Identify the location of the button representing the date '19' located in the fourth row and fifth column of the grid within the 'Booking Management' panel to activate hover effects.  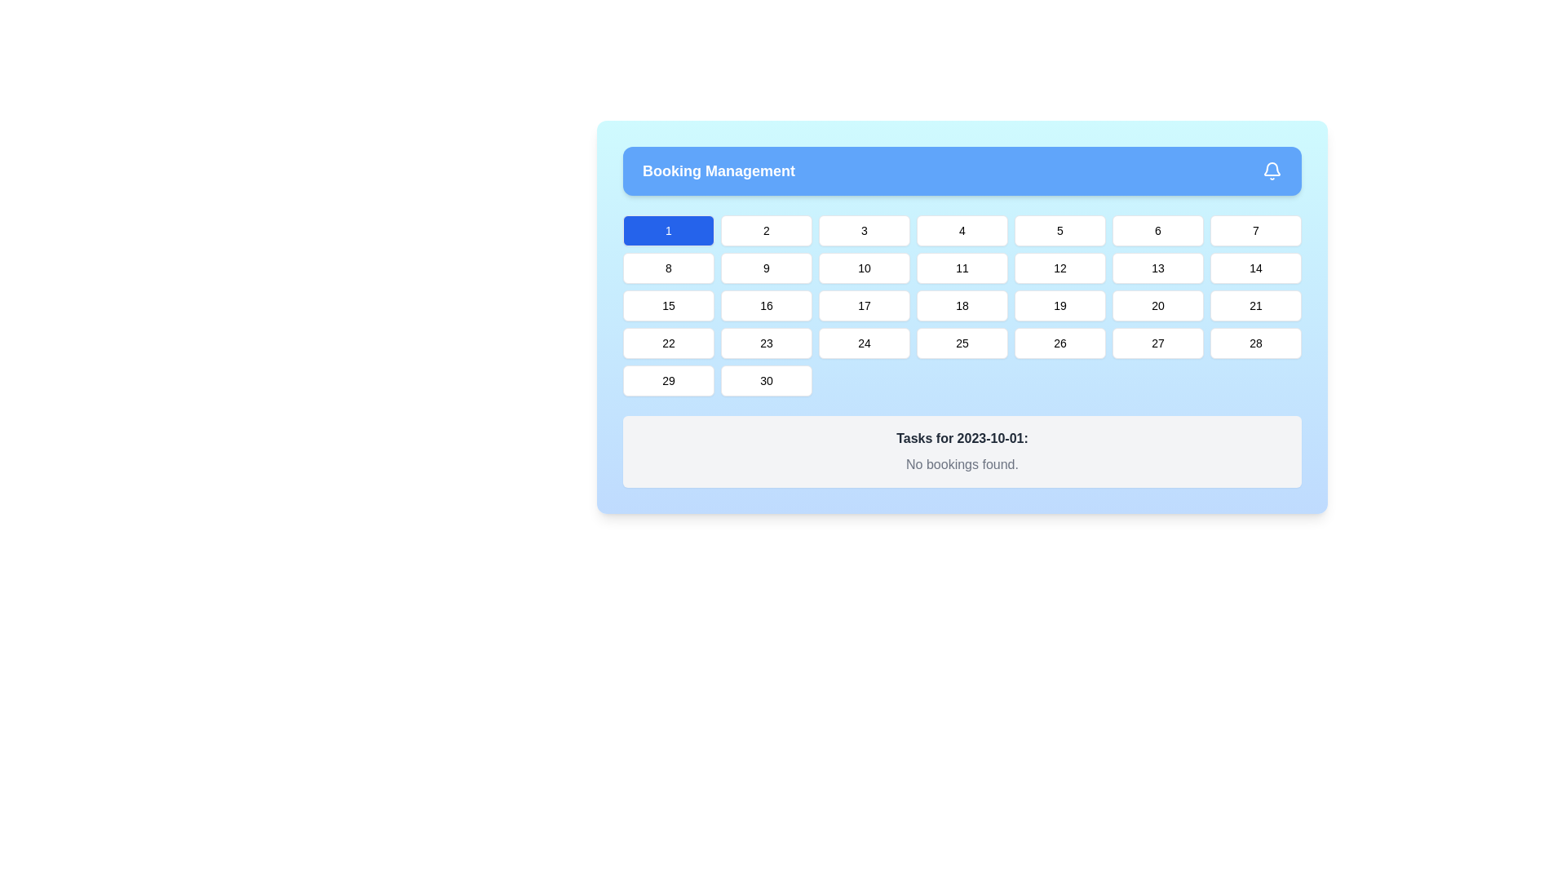
(1060, 305).